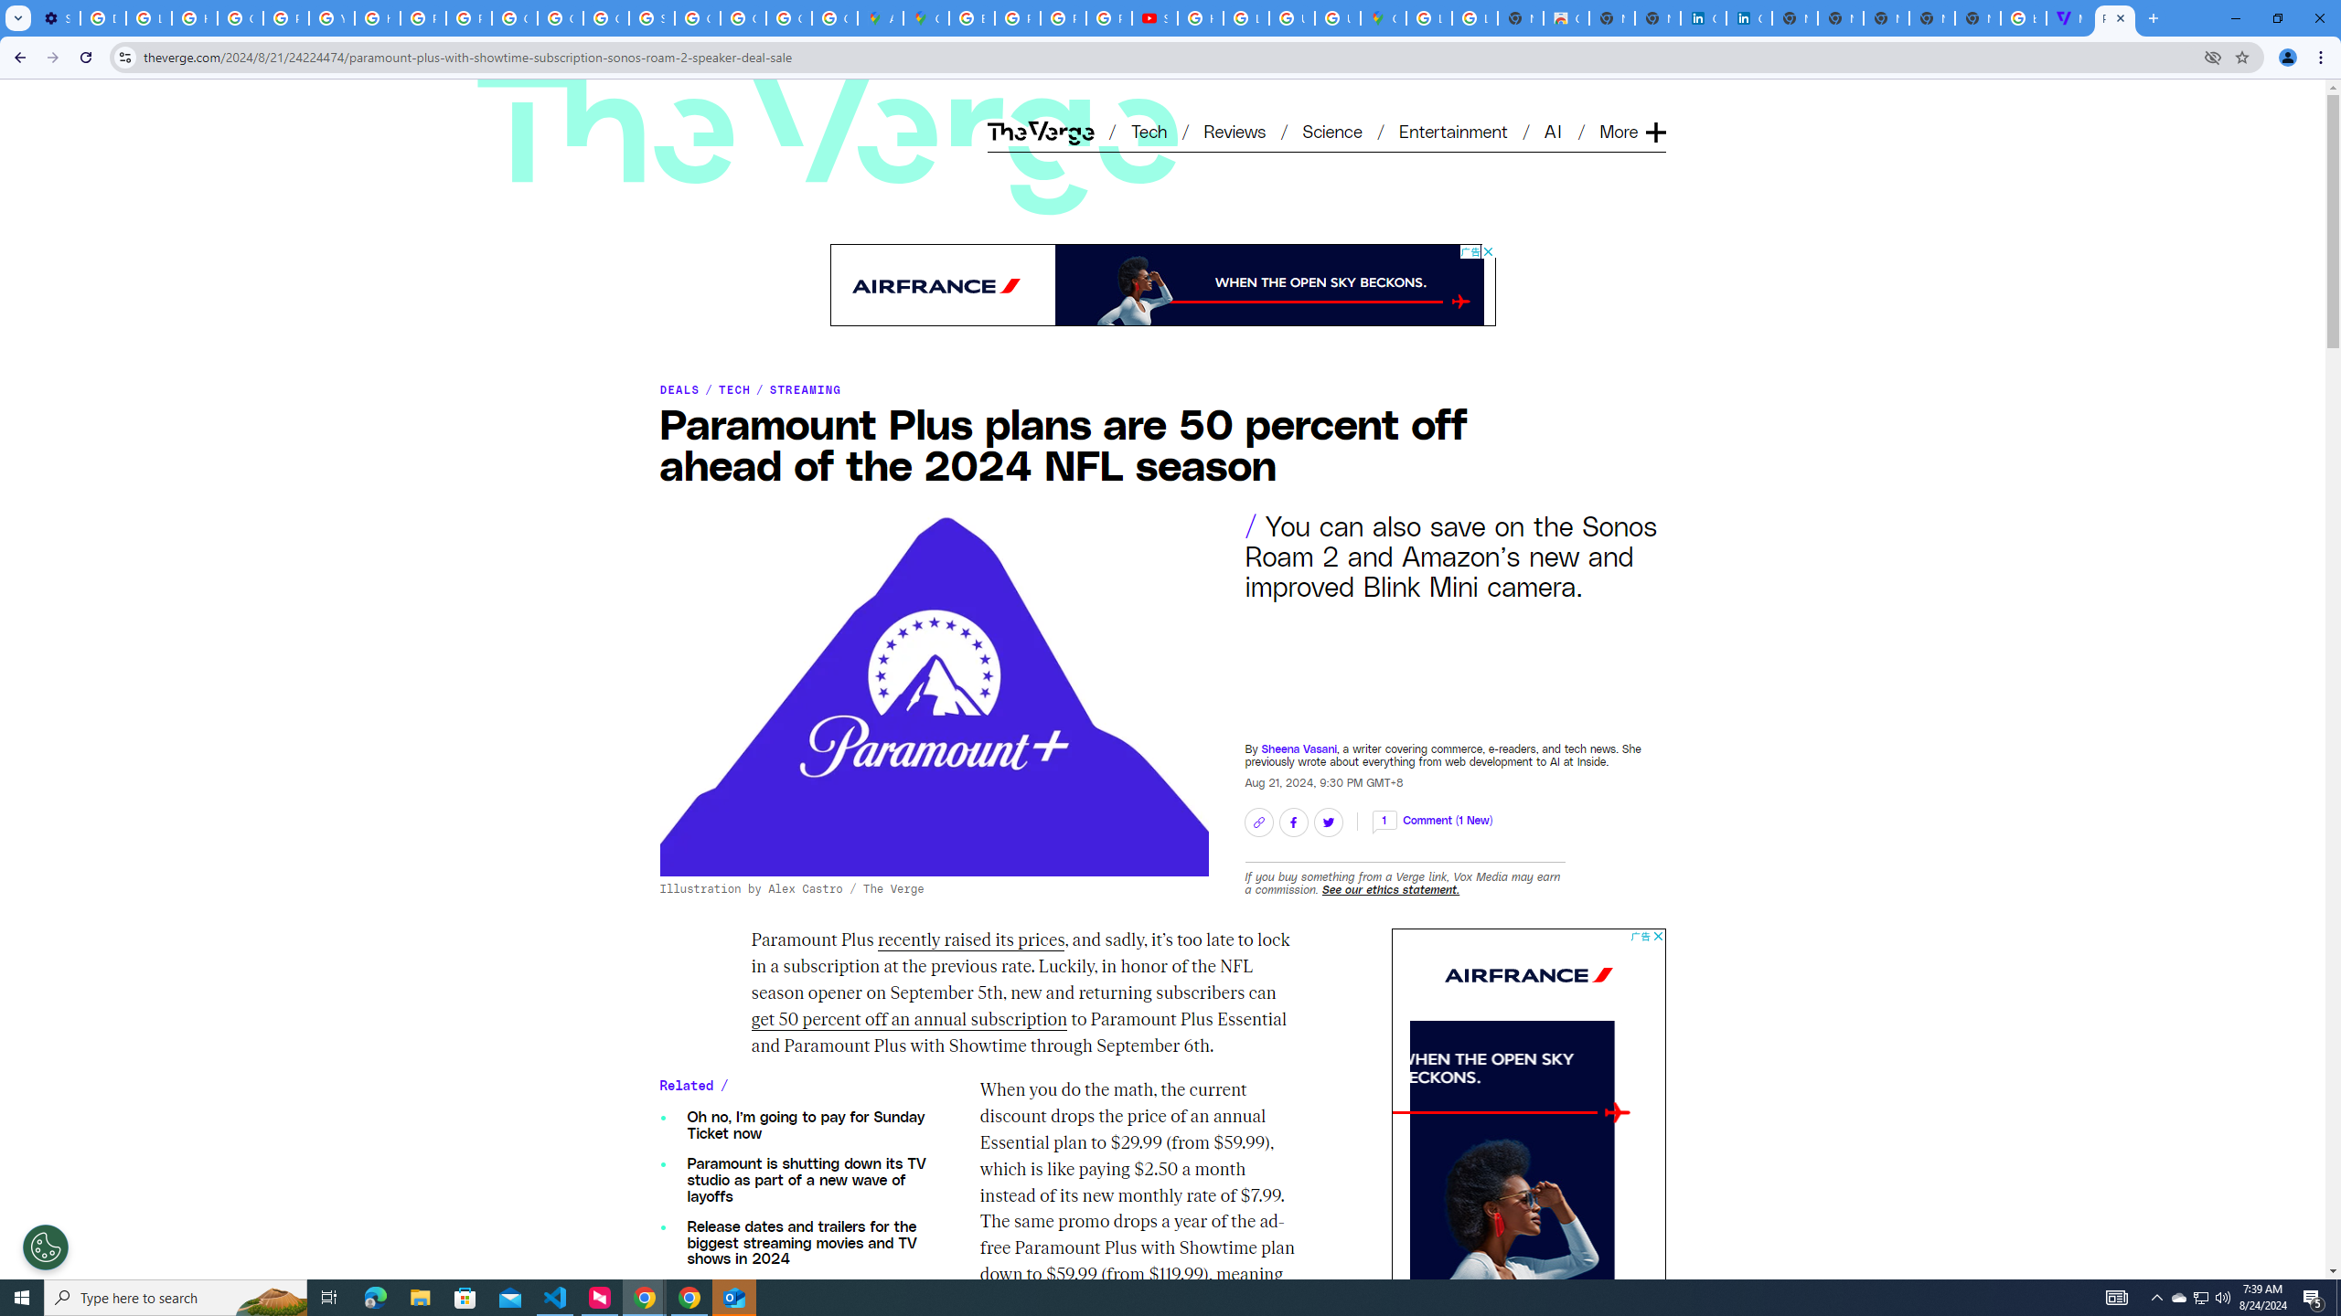  I want to click on 'AI', so click(1554, 130).